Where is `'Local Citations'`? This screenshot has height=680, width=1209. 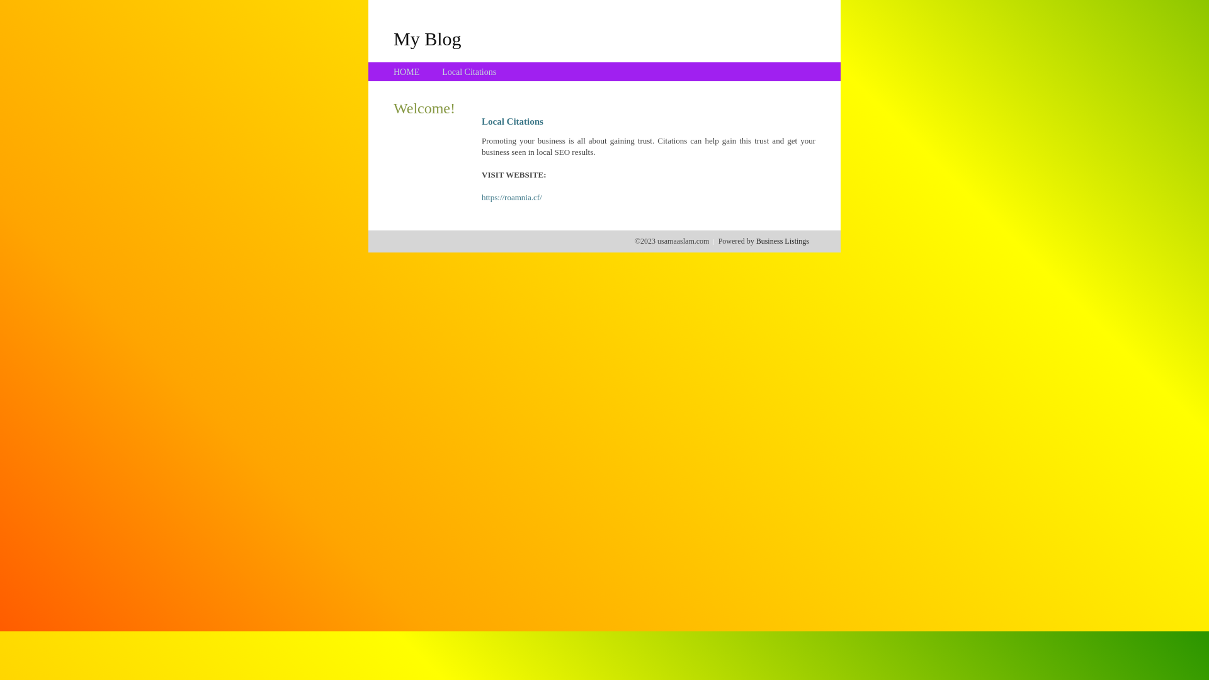
'Local Citations' is located at coordinates (468, 72).